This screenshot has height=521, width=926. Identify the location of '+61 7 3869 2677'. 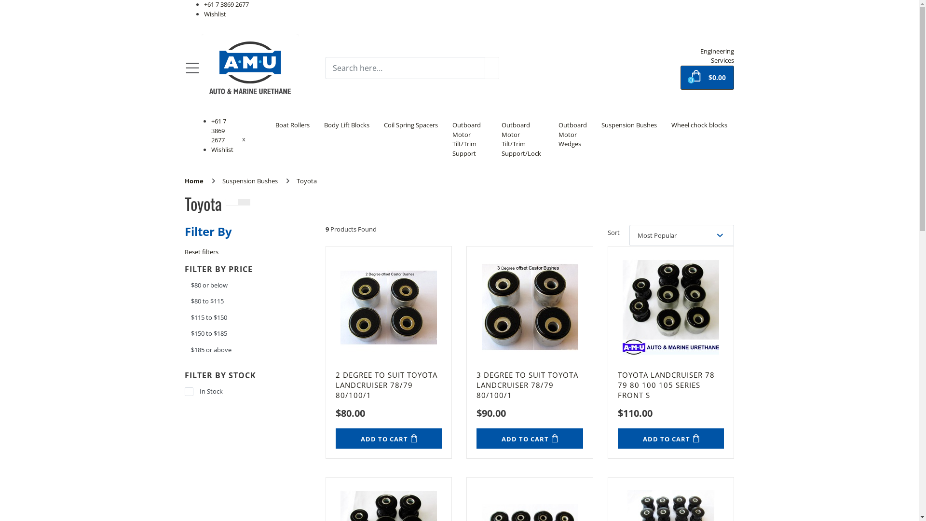
(225, 4).